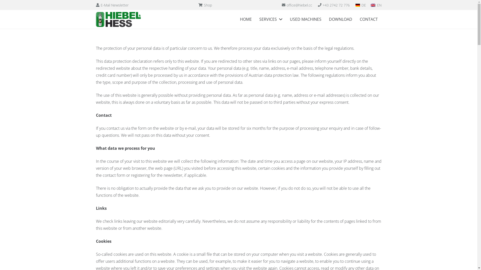 The height and width of the screenshot is (270, 481). I want to click on 'Shop', so click(205, 5).